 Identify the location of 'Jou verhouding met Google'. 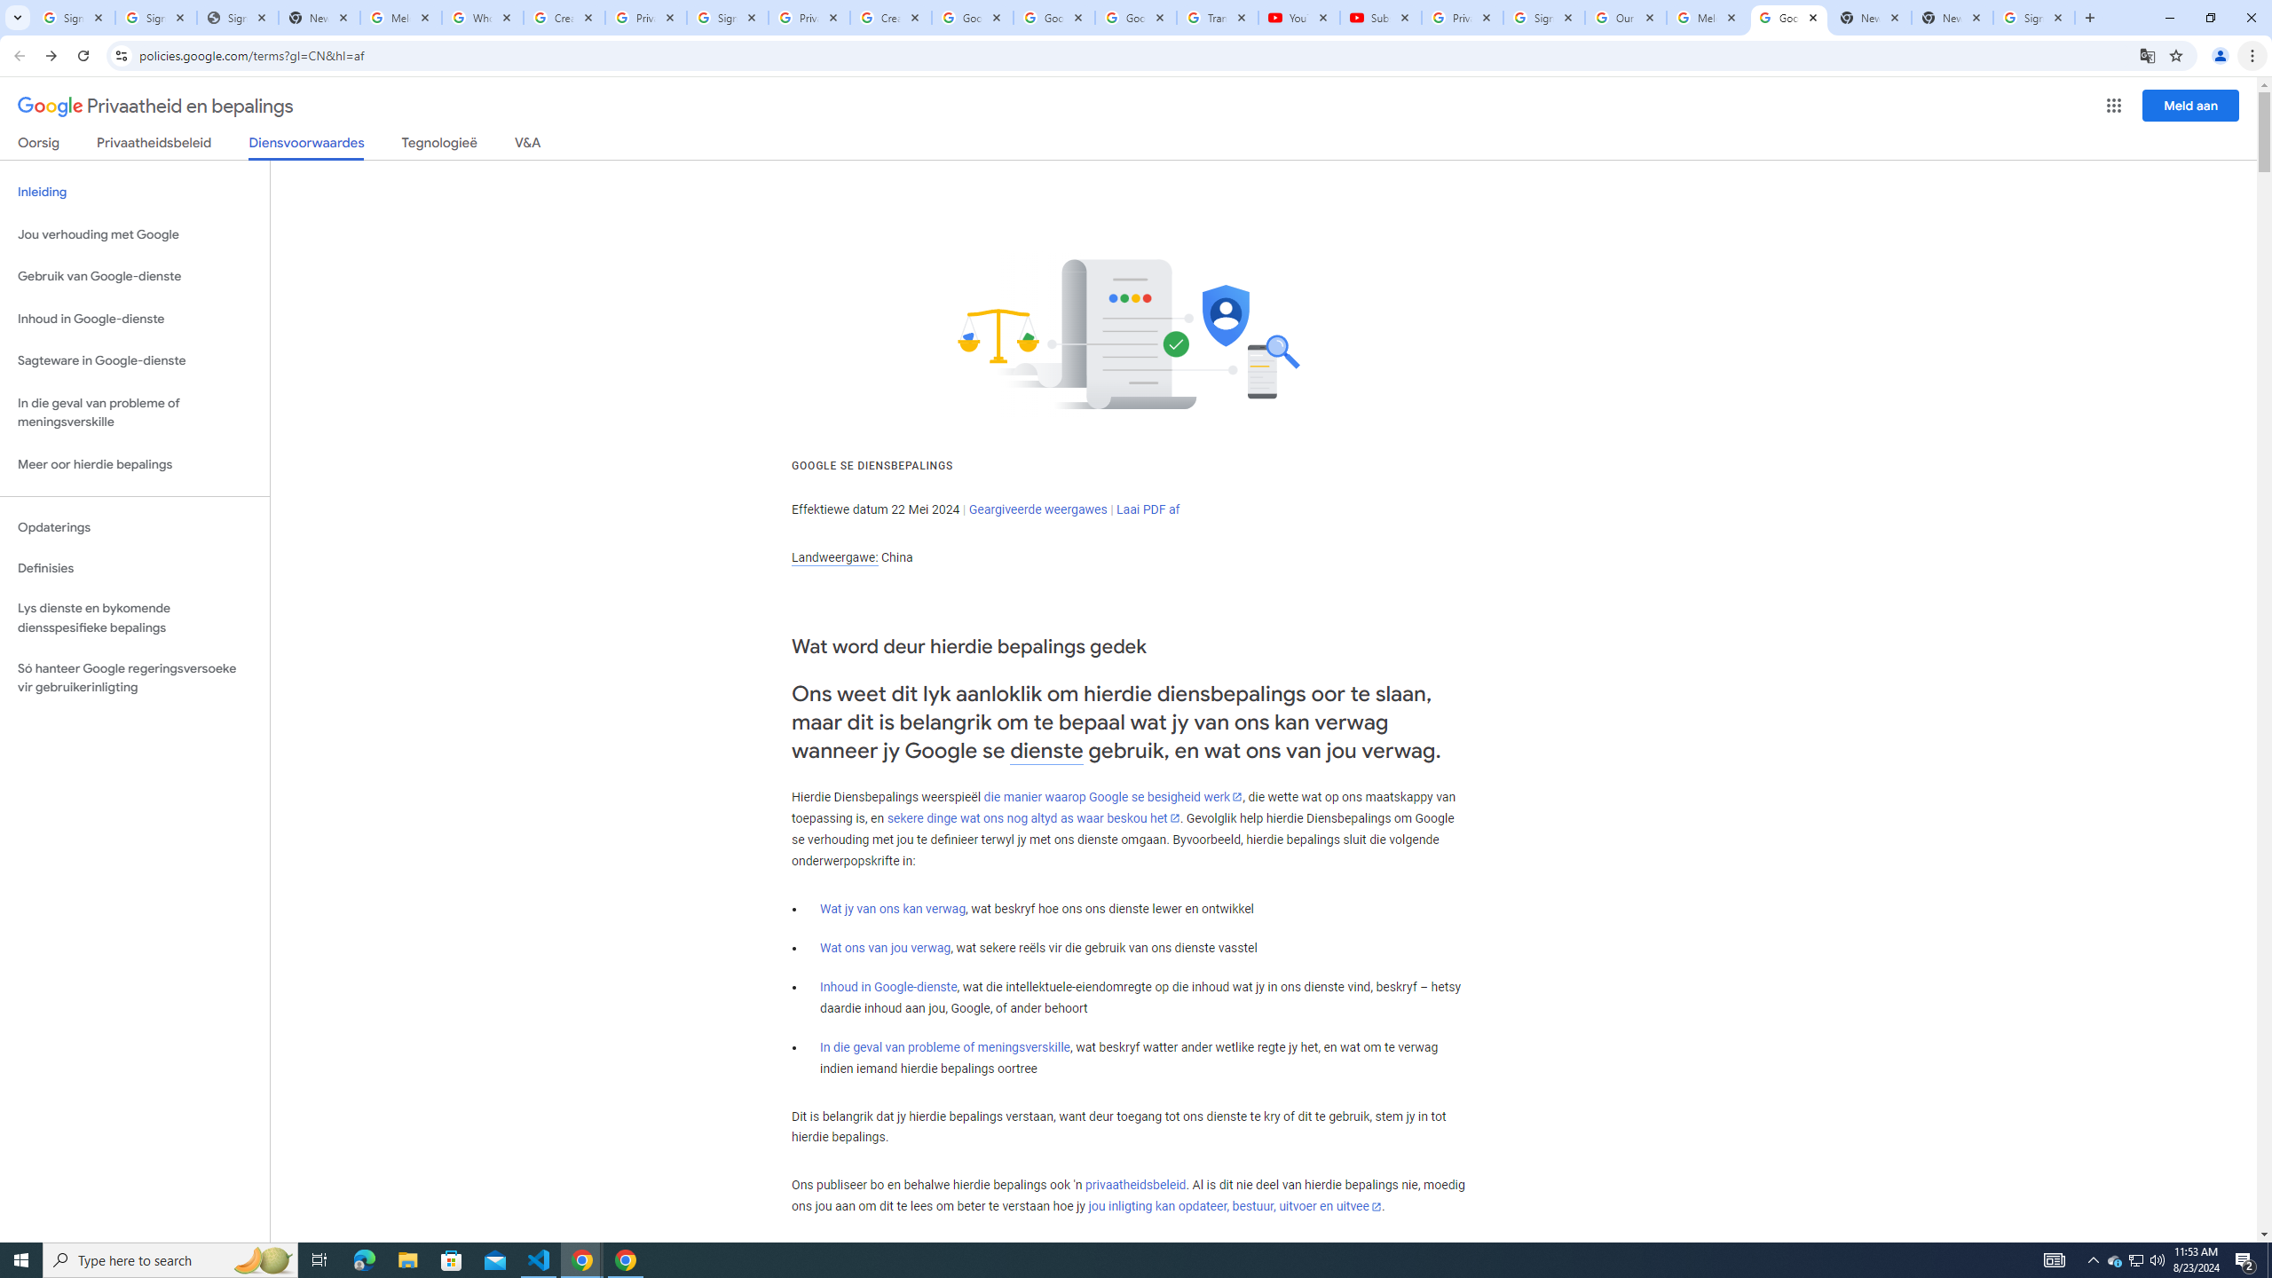
(134, 234).